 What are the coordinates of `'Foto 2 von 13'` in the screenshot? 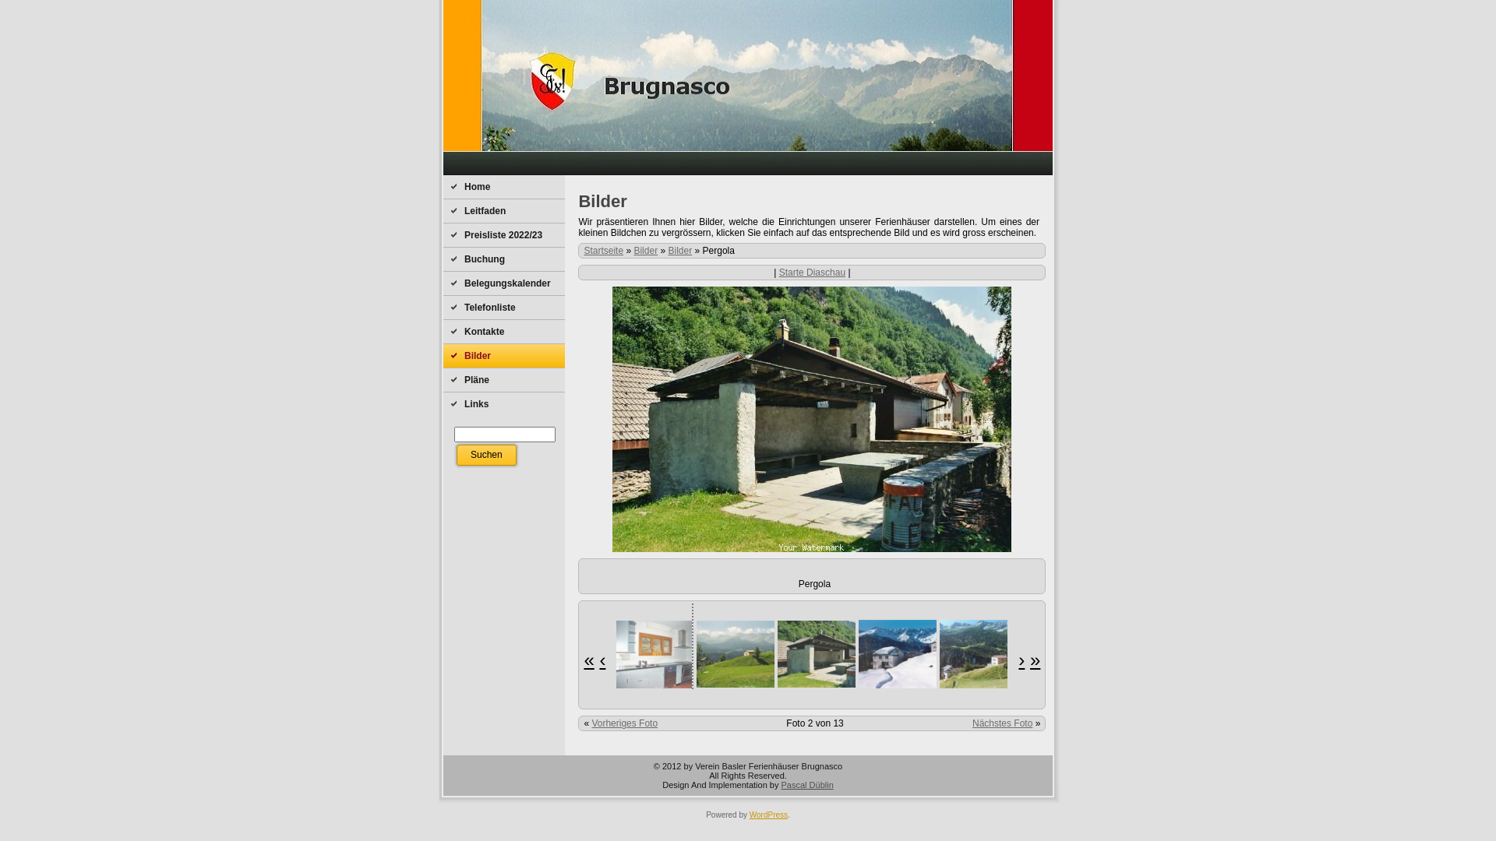 It's located at (785, 723).